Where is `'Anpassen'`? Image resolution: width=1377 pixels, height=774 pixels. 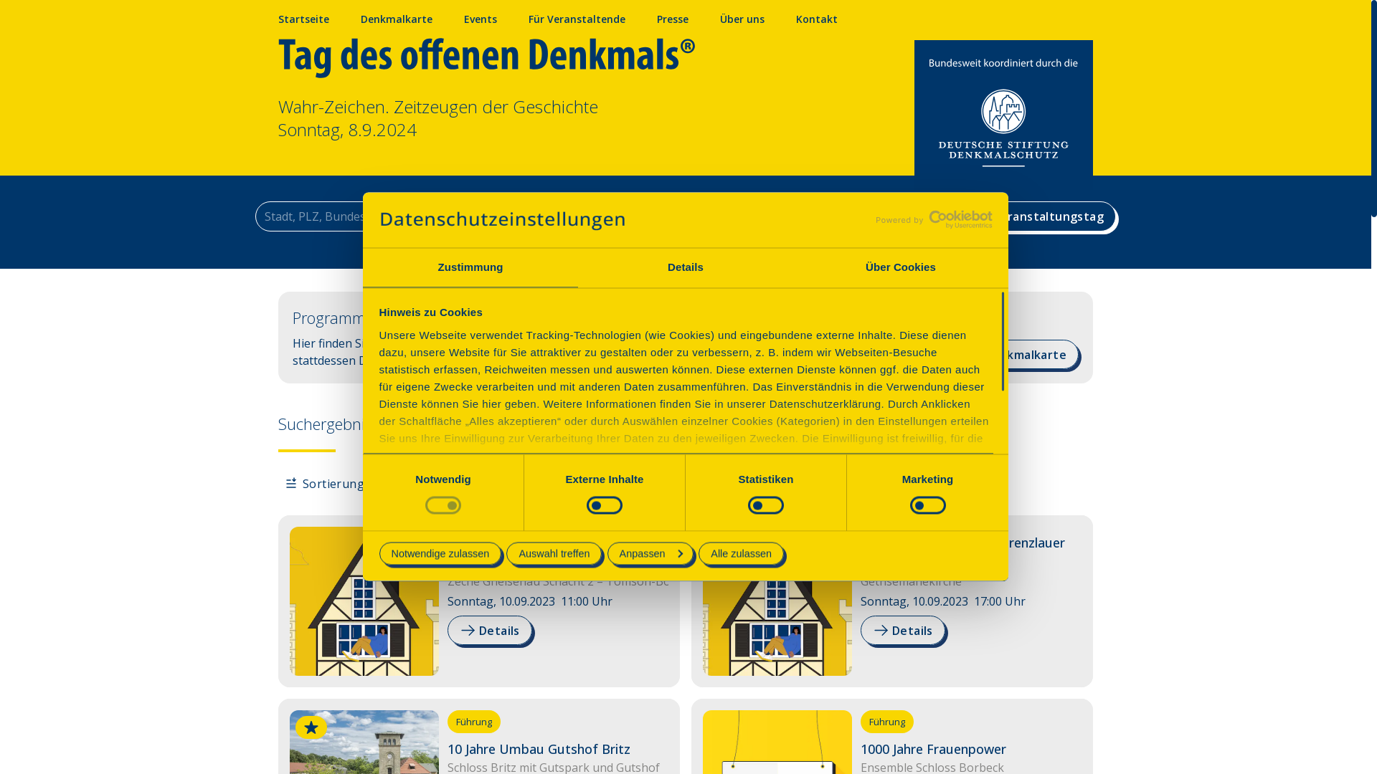 'Anpassen' is located at coordinates (650, 552).